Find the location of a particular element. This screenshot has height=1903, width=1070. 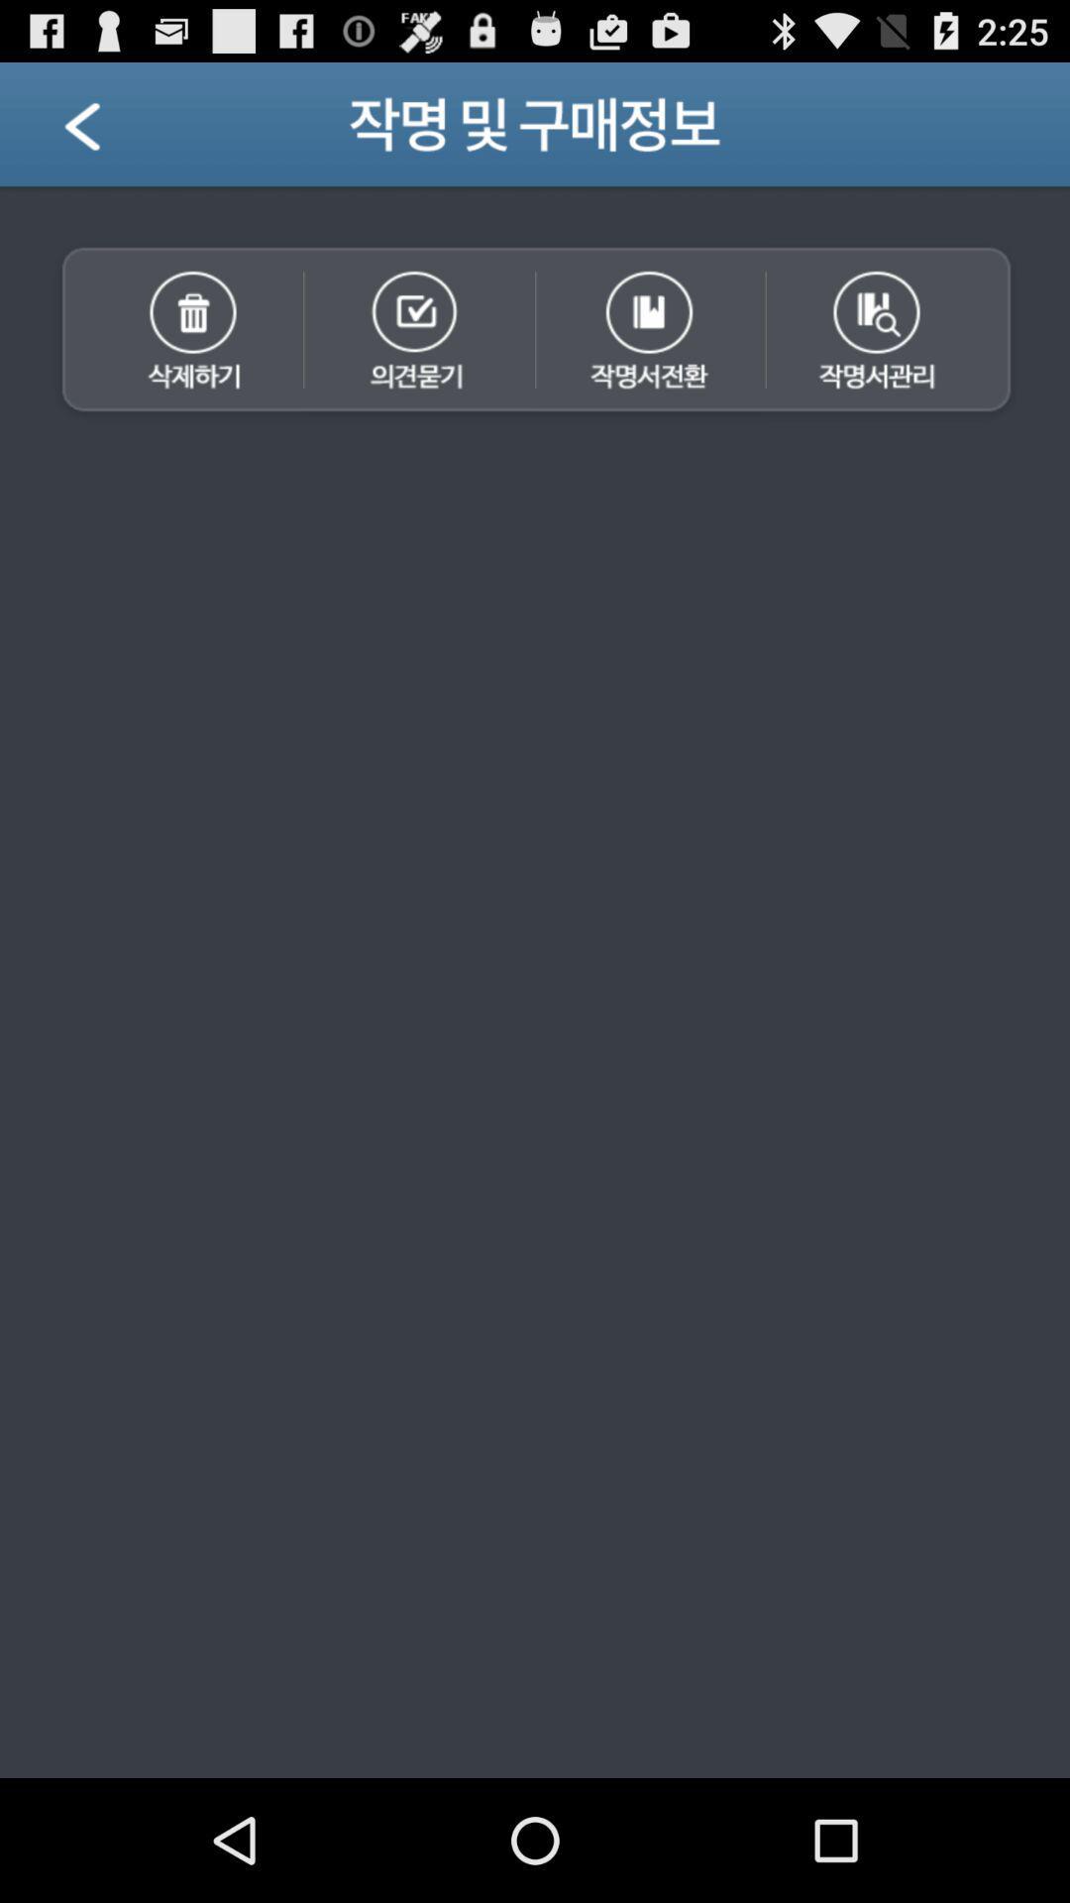

item at the center is located at coordinates (535, 1101).